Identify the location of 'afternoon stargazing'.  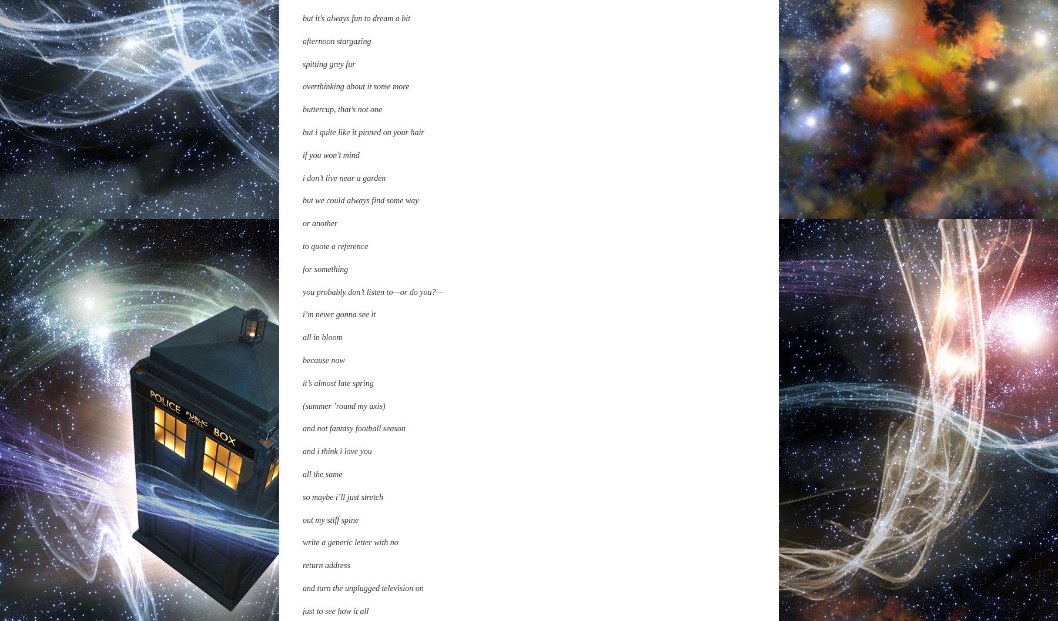
(336, 516).